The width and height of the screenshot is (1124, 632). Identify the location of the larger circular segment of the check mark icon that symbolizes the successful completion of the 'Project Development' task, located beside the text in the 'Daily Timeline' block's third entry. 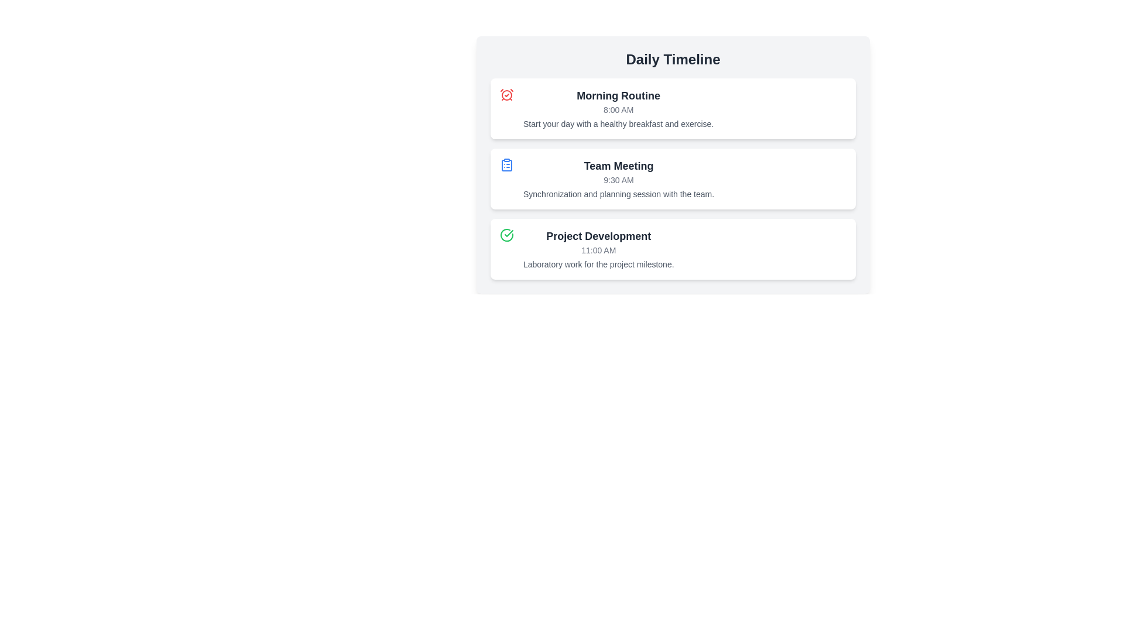
(506, 235).